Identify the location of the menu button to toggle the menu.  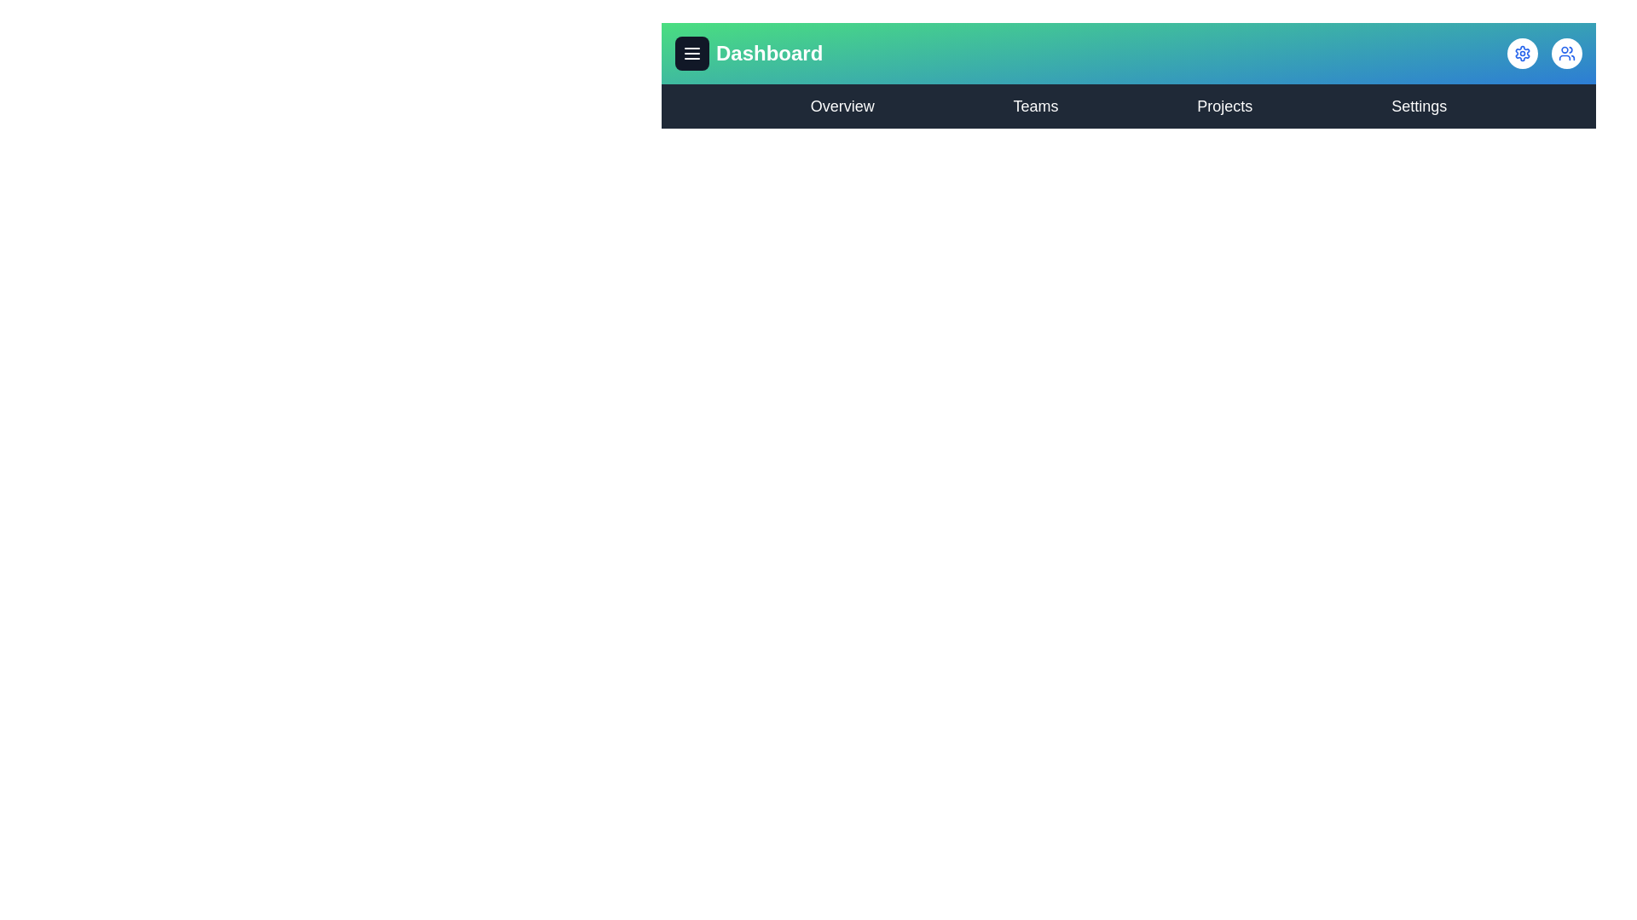
(691, 52).